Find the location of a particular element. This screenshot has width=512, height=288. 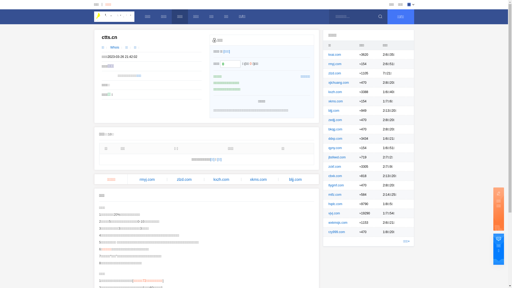

'zedjj.com' is located at coordinates (335, 120).